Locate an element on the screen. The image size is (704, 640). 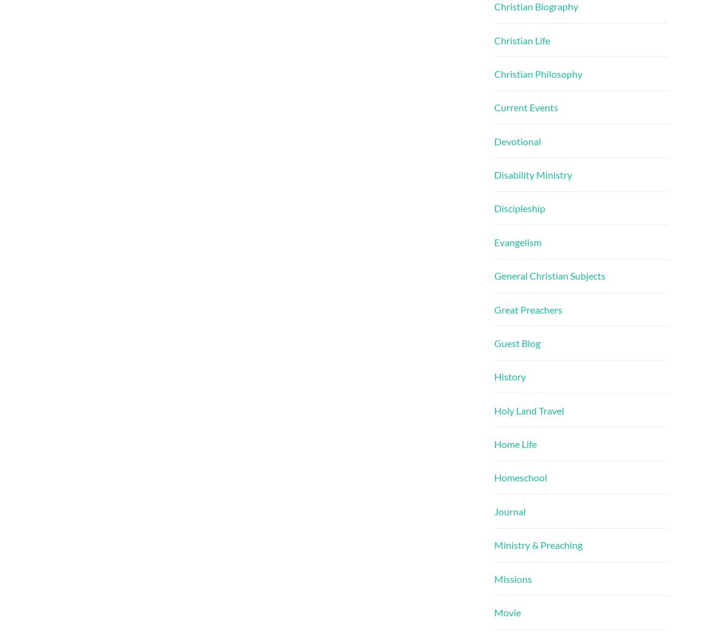
'Great Preachers' is located at coordinates (494, 309).